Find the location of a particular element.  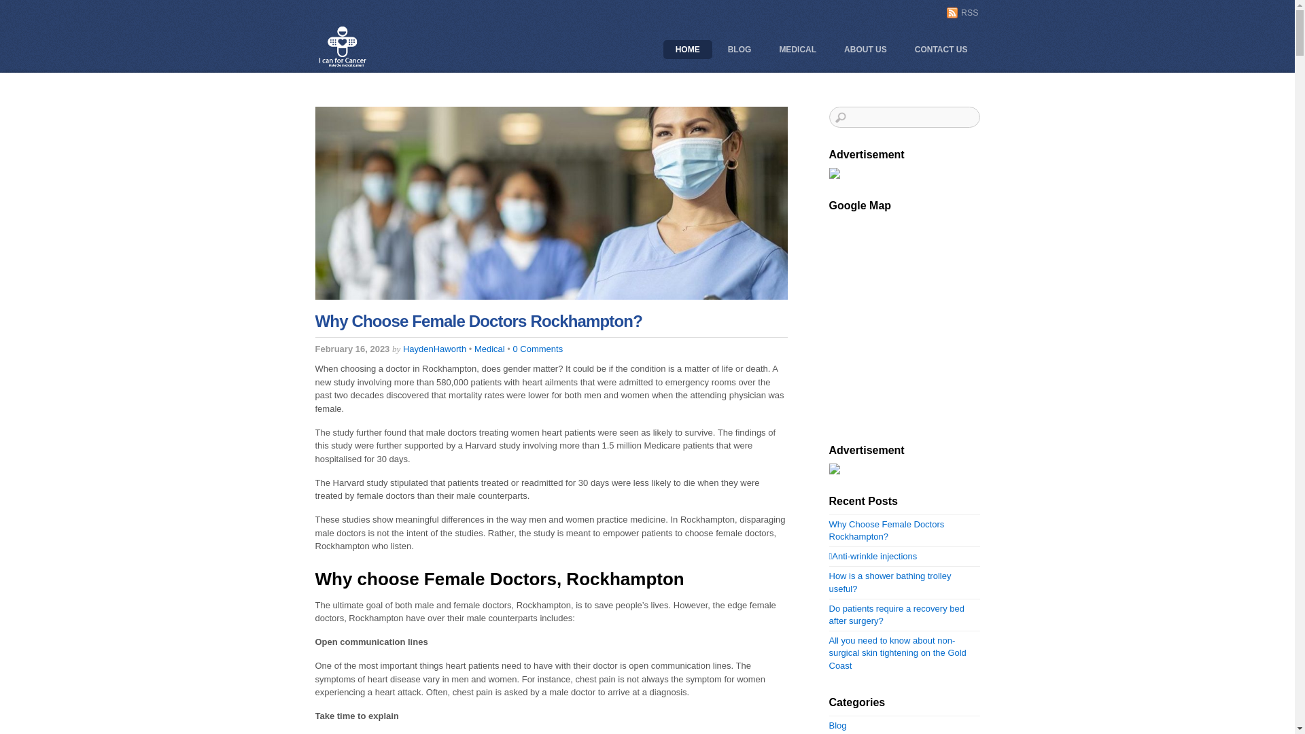

'Why Choose Female Doctors Rockhampton?' is located at coordinates (887, 529).